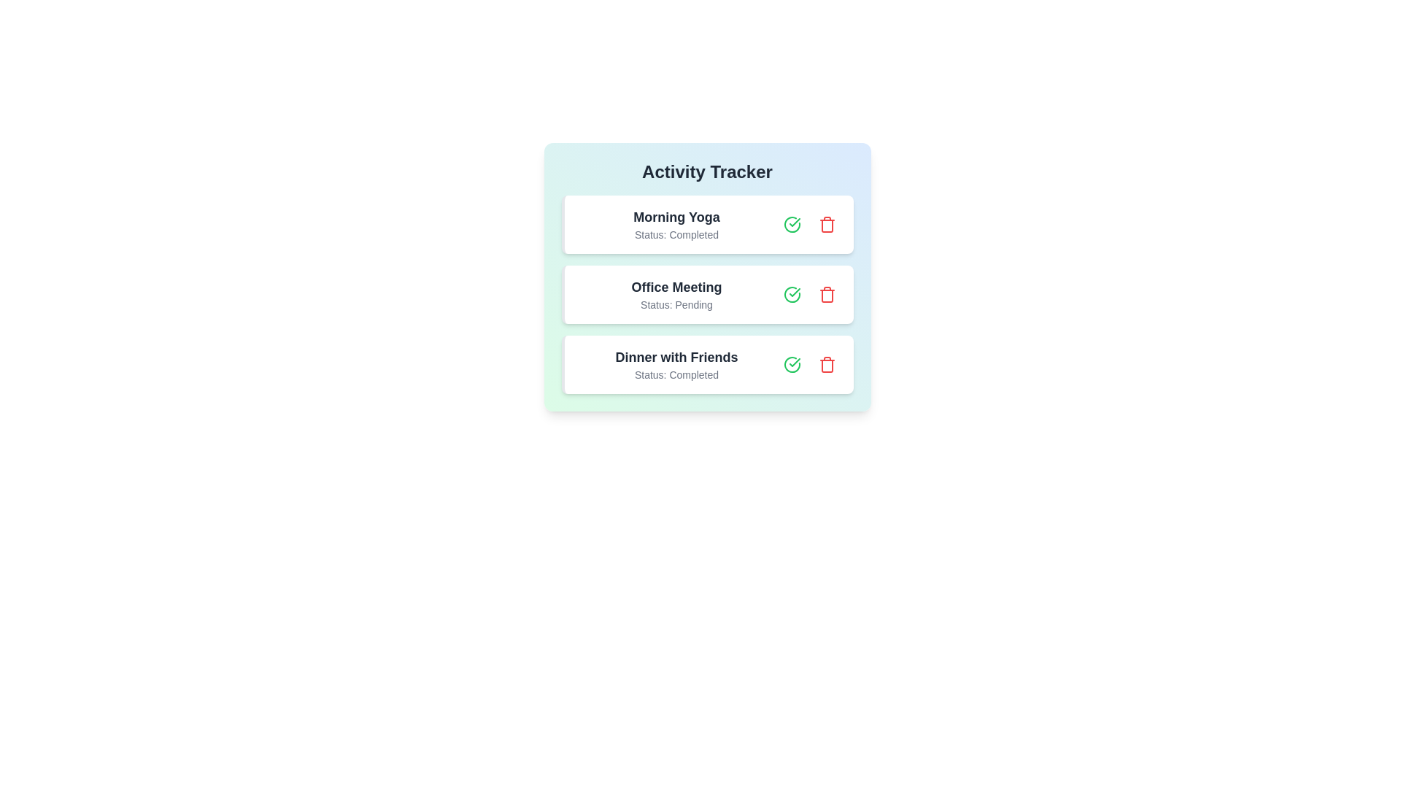  Describe the element at coordinates (707, 225) in the screenshot. I see `the activity item Morning Yoga to observe the hover effect` at that location.